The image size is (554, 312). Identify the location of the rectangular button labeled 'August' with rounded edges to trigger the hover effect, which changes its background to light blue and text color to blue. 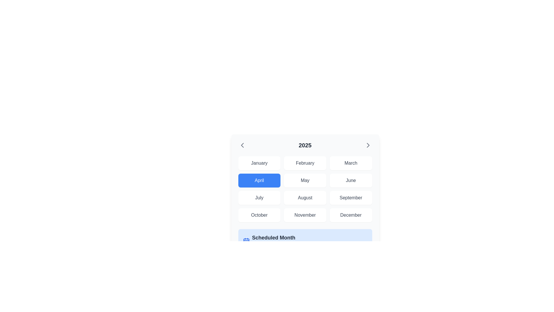
(305, 198).